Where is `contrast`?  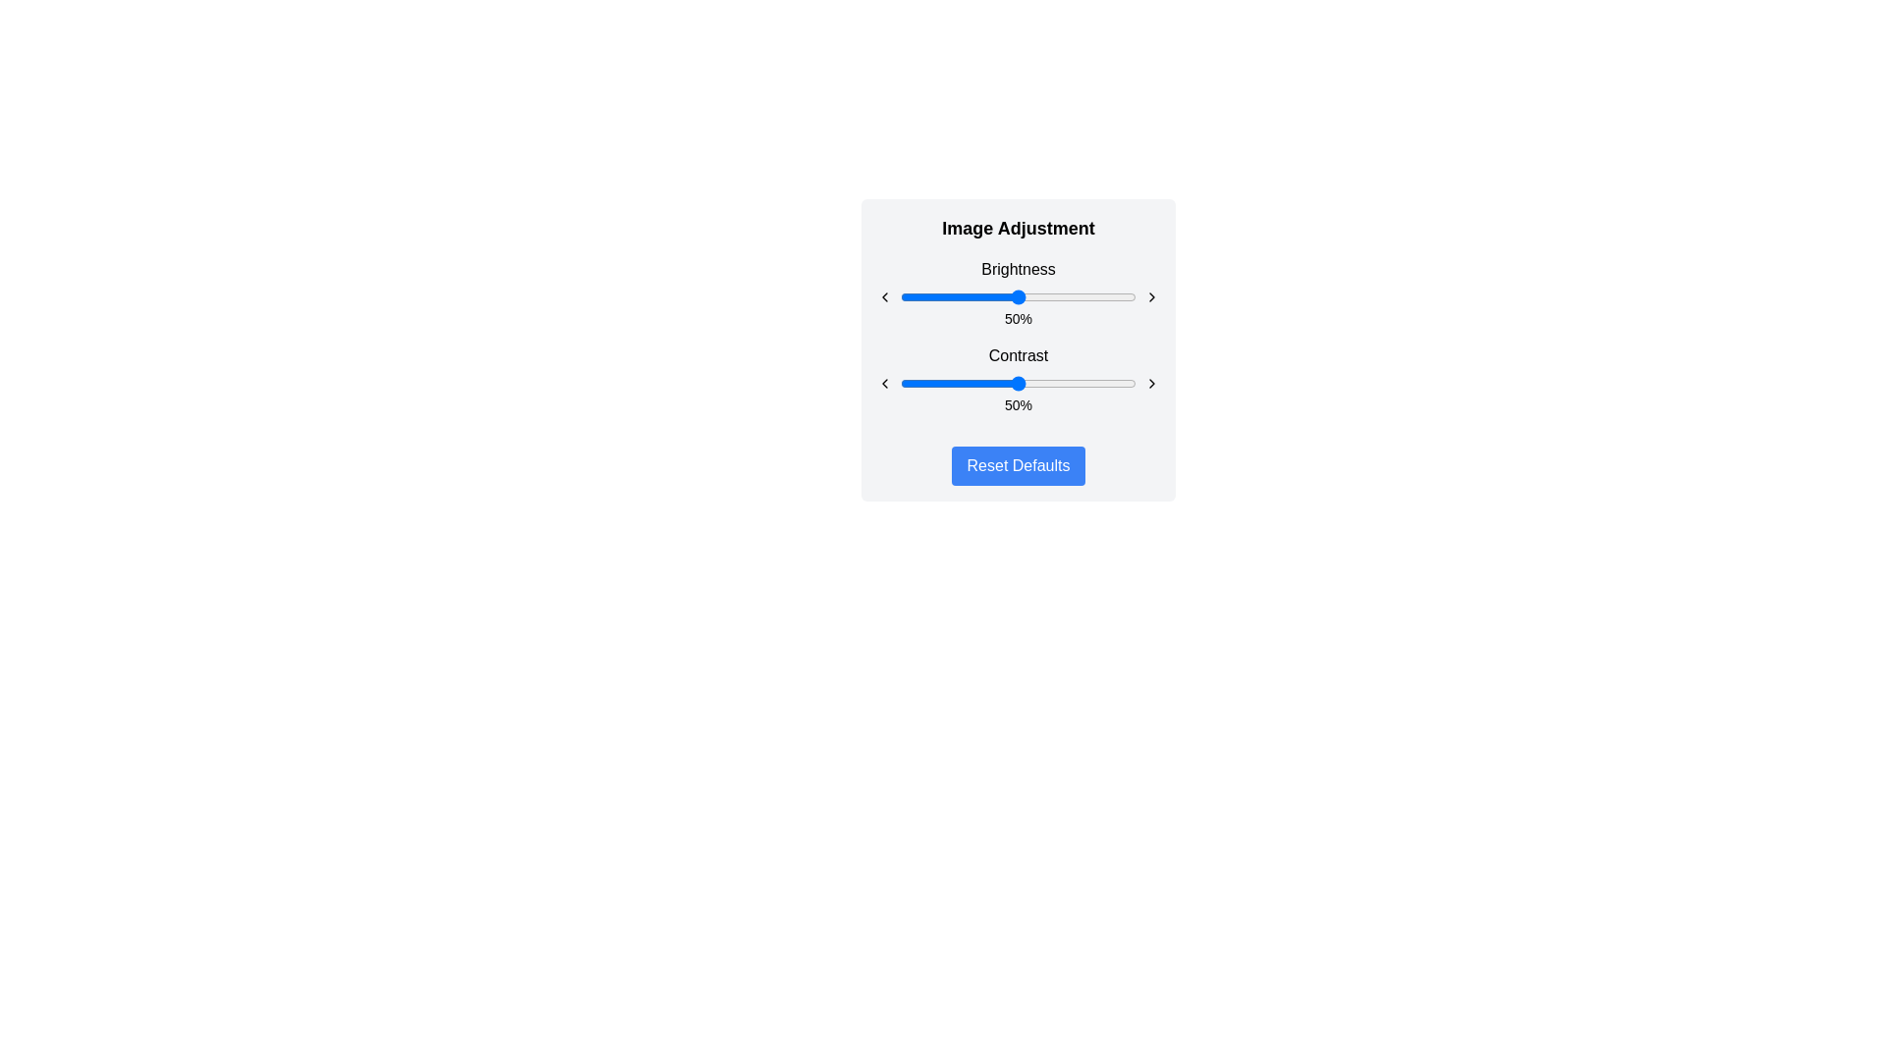
contrast is located at coordinates (980, 383).